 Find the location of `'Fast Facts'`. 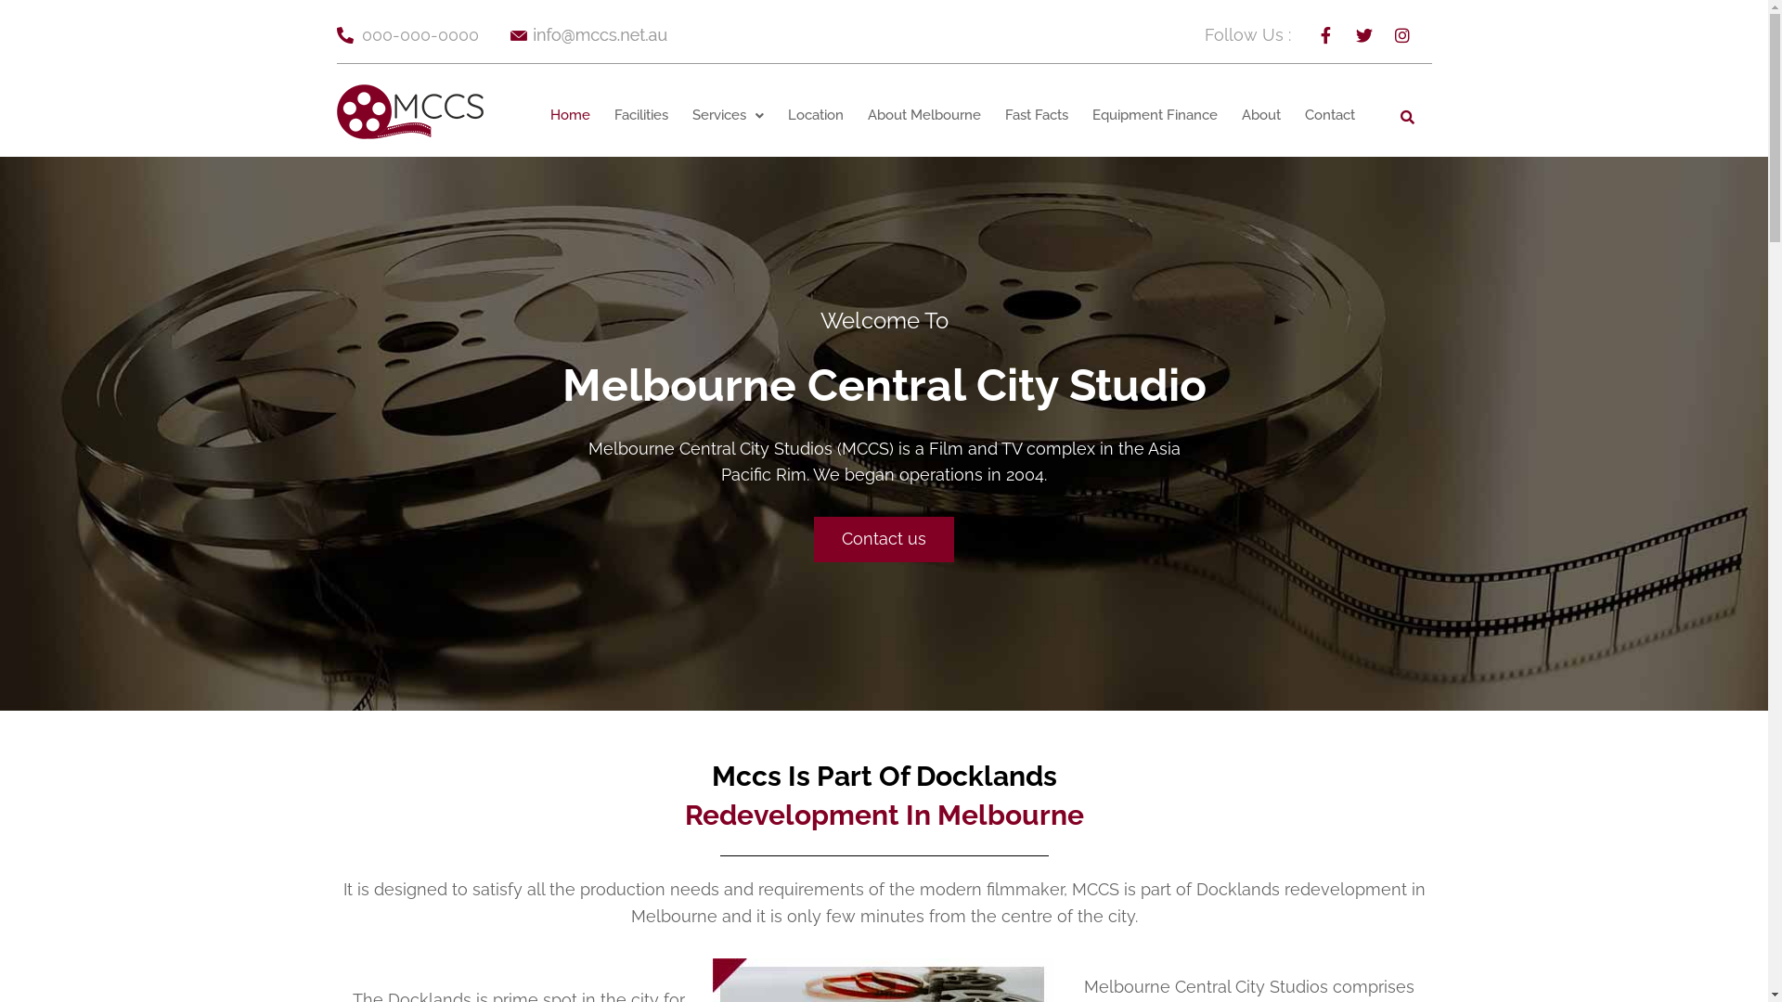

'Fast Facts' is located at coordinates (1036, 115).